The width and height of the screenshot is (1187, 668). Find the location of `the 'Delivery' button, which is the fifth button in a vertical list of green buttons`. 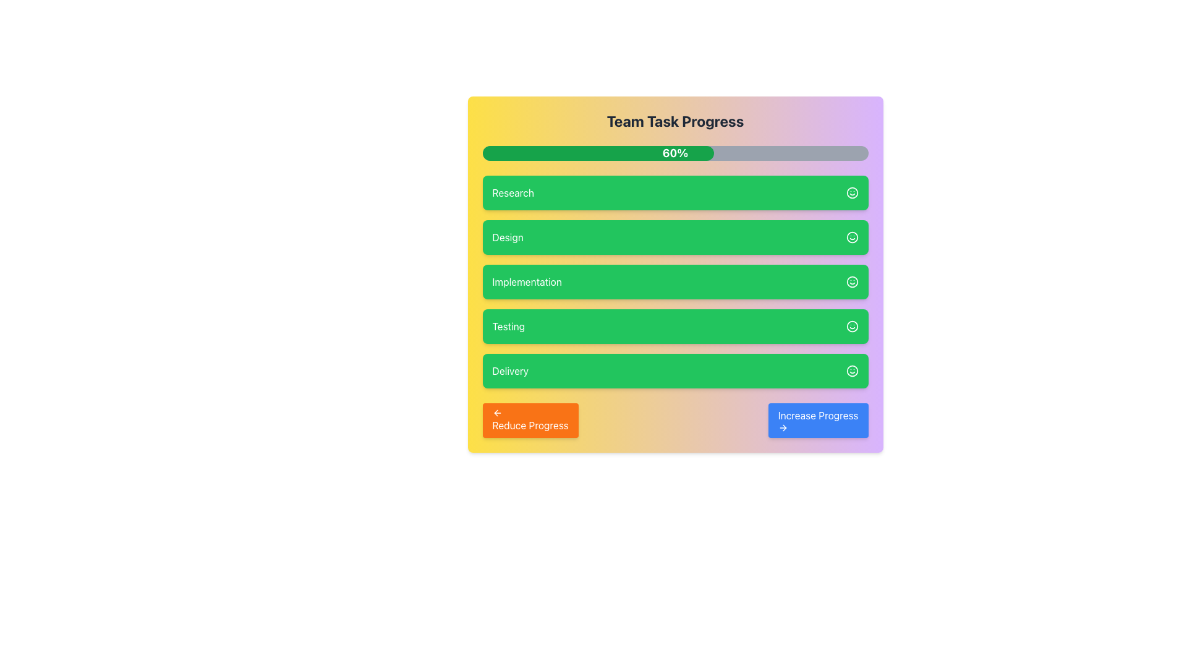

the 'Delivery' button, which is the fifth button in a vertical list of green buttons is located at coordinates (674, 370).